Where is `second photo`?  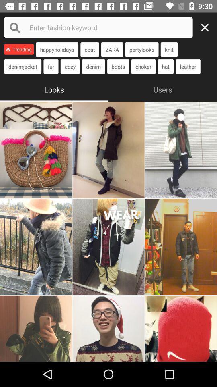 second photo is located at coordinates (108, 149).